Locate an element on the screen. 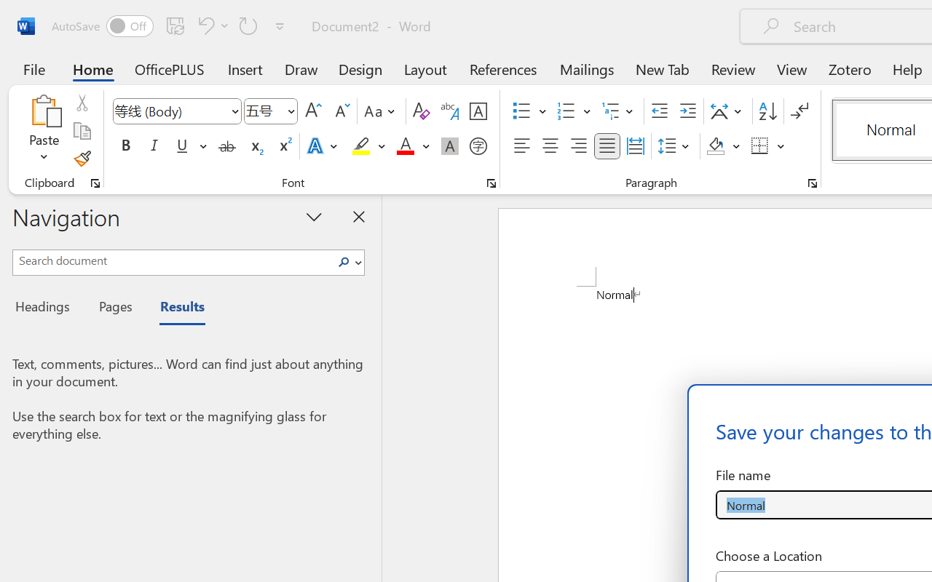  'Search' is located at coordinates (347, 262).